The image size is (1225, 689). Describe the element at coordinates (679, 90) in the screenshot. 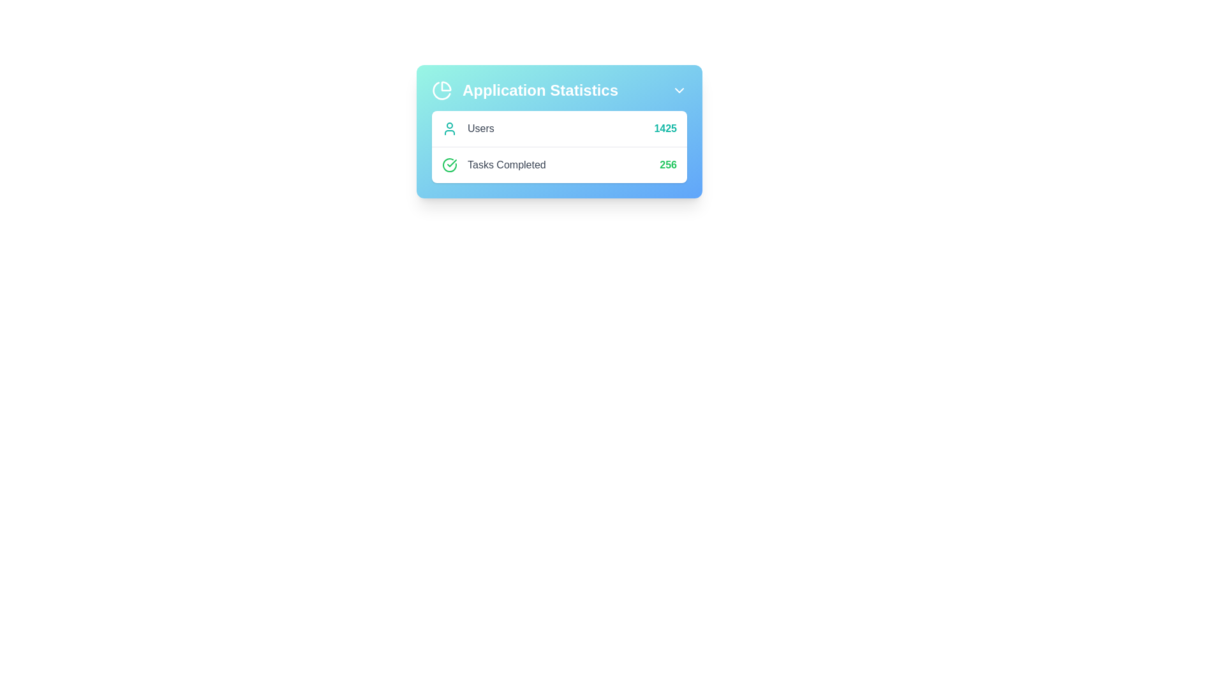

I see `the downward-facing chevron icon button on the right side of the 'Application Statistics' header` at that location.